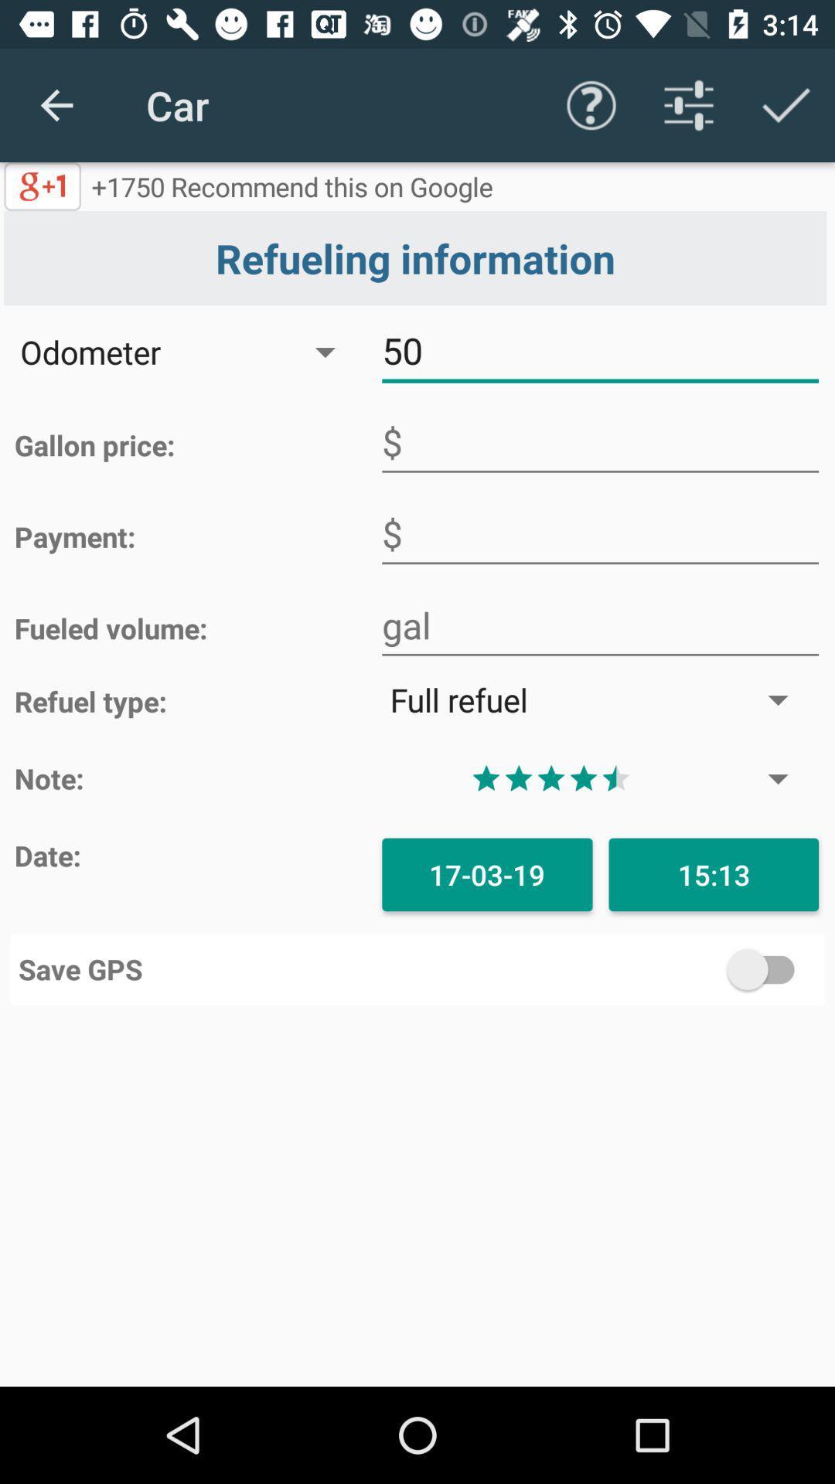 This screenshot has width=835, height=1484. I want to click on fuel volume, so click(599, 626).